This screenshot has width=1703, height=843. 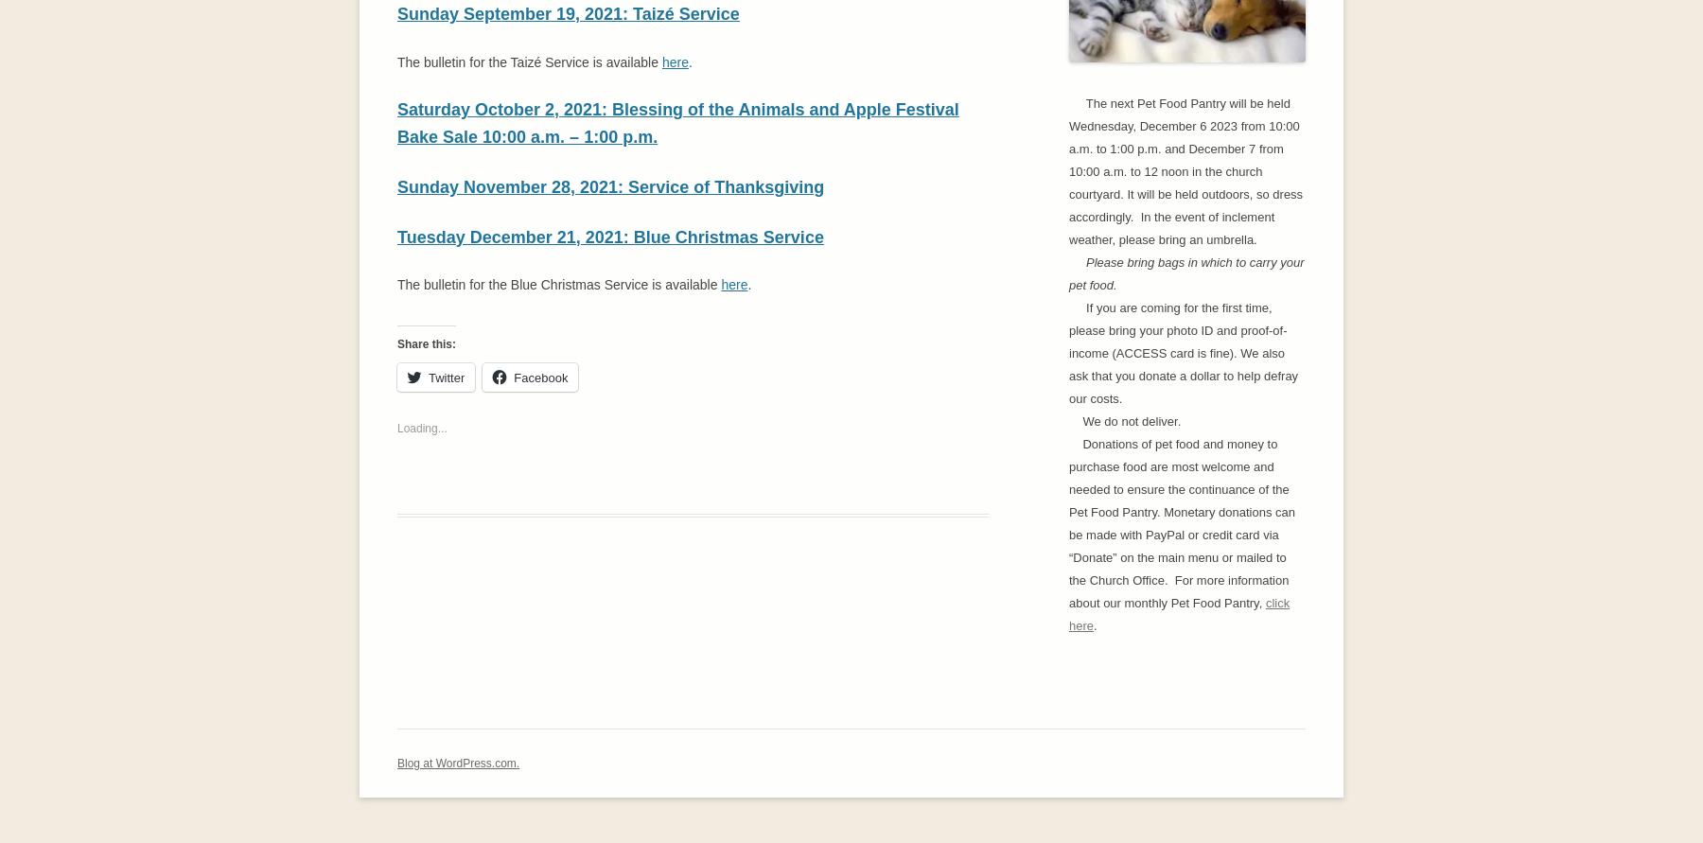 I want to click on 'We do not deliver.', so click(x=1124, y=420).